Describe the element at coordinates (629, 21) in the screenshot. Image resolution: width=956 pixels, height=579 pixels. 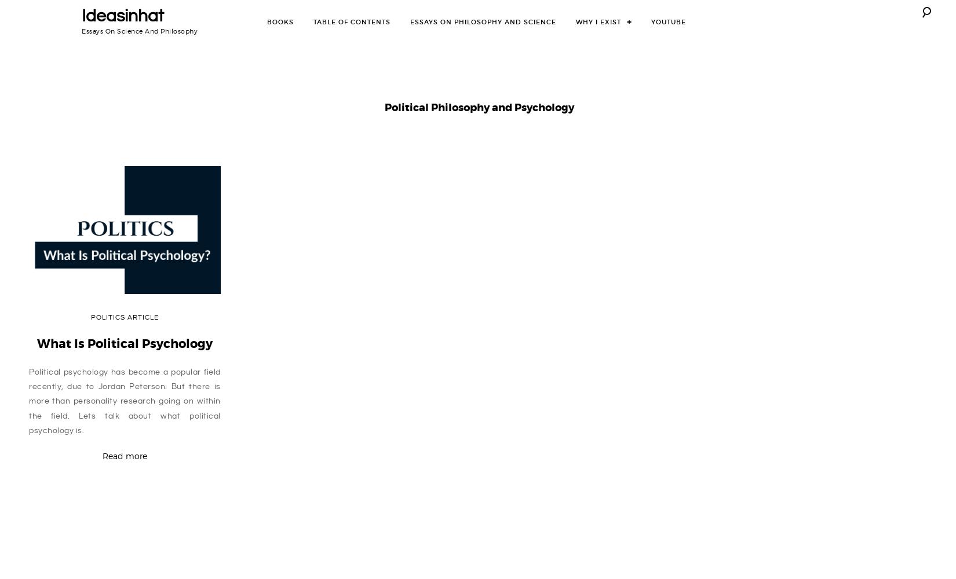
I see `'+'` at that location.